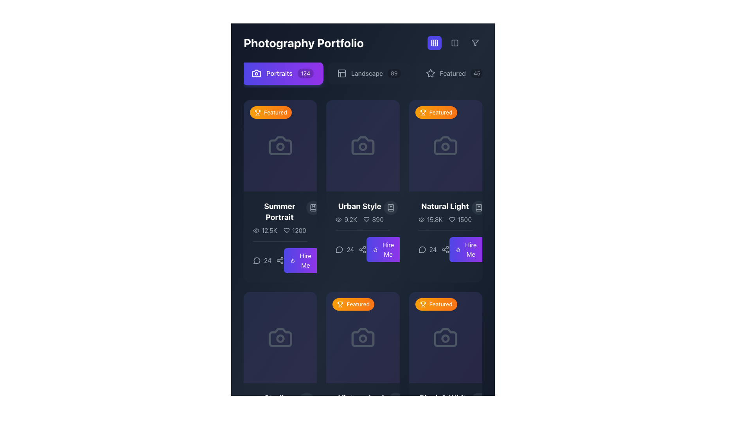  I want to click on the share icon button located in the 'Urban Style' card, which resembles a minimalistic gray share icon with interconnected circles and lines, so click(362, 250).